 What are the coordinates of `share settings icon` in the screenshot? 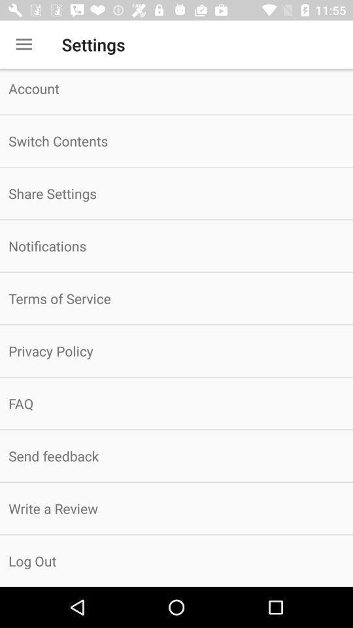 It's located at (176, 192).